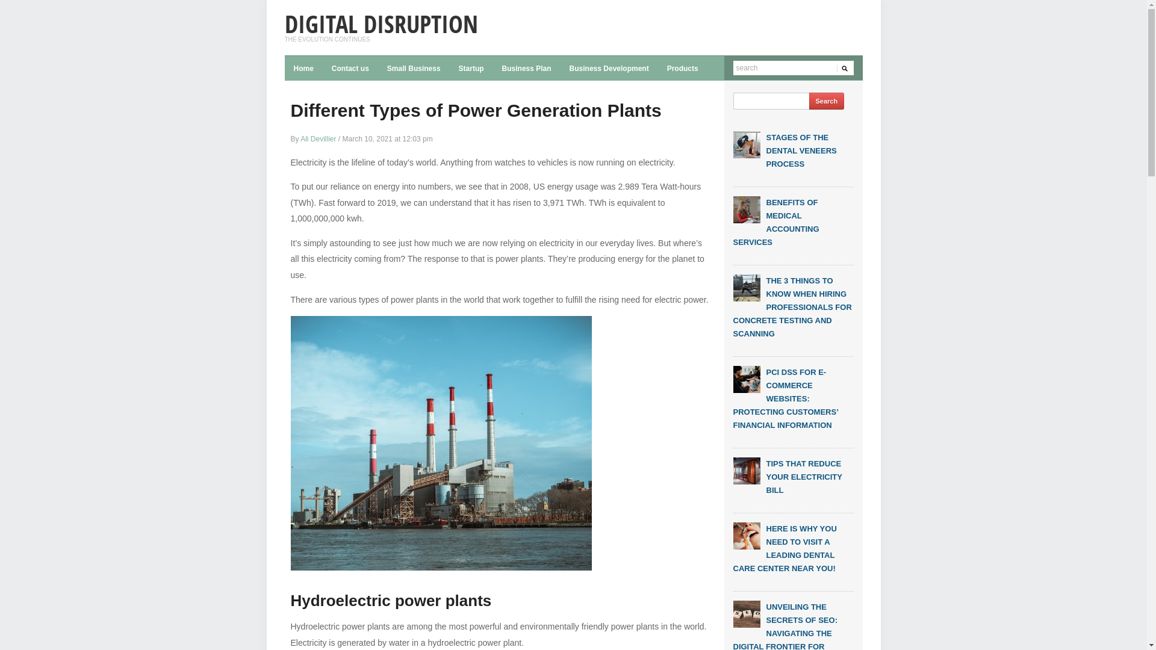 The width and height of the screenshot is (1156, 650). I want to click on 'Ali Devillier', so click(318, 138).